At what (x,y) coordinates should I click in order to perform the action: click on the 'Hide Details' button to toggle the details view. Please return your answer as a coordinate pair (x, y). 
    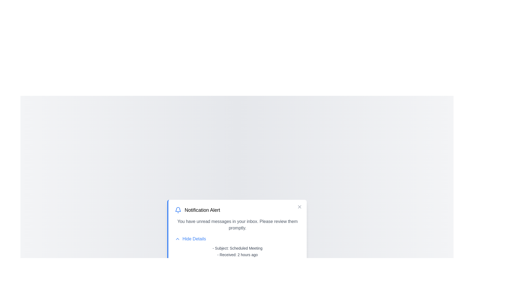
    Looking at the image, I should click on (190, 239).